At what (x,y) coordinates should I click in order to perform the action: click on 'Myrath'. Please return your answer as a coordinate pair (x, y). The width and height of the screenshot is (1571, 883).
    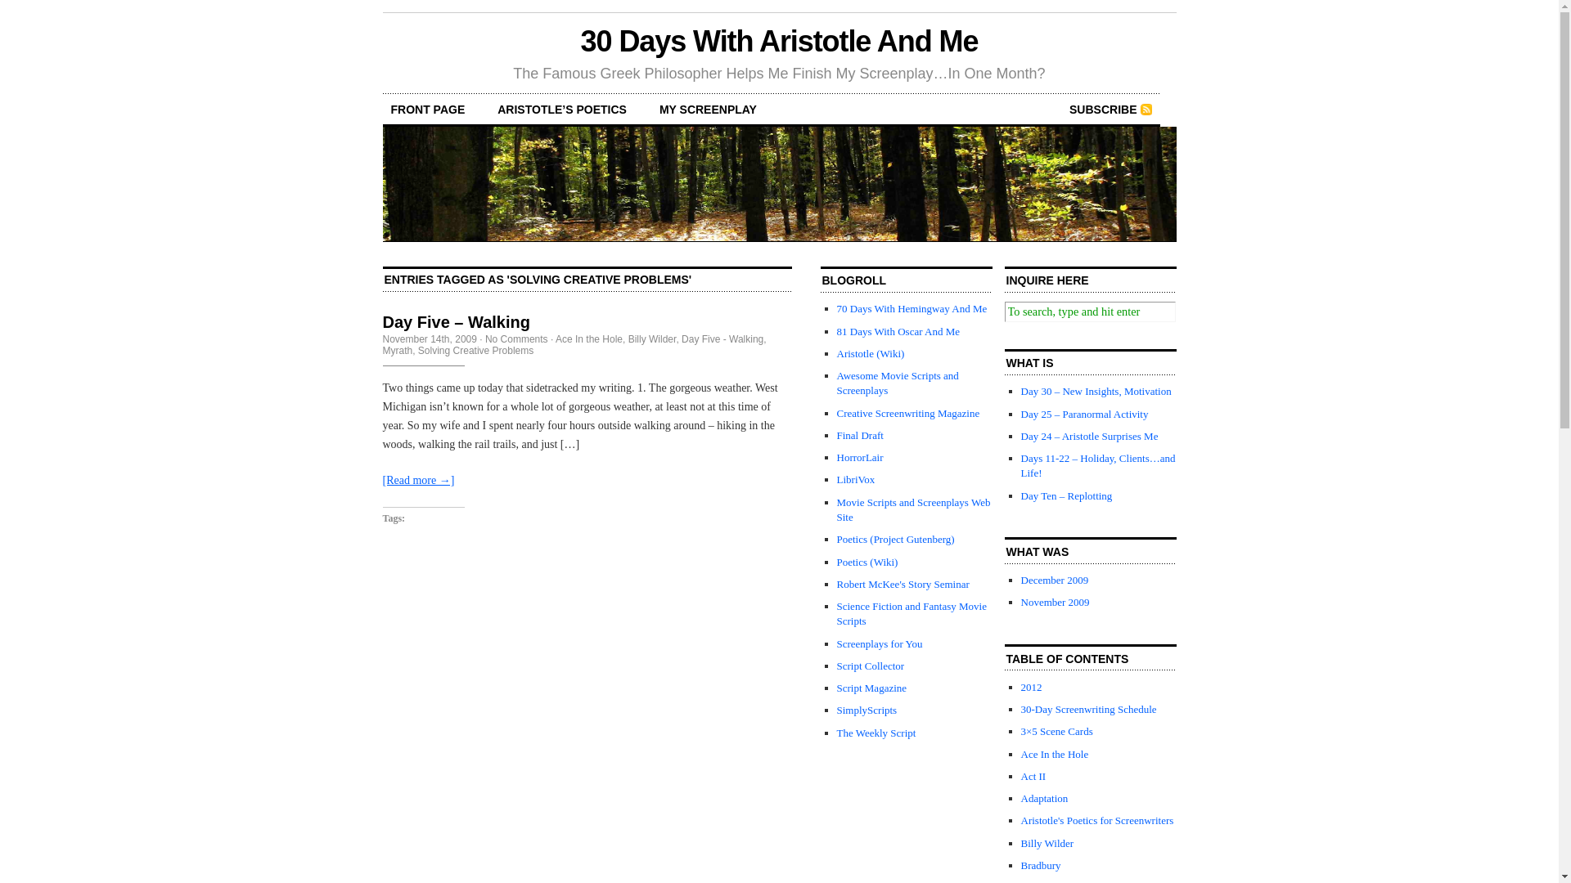
    Looking at the image, I should click on (398, 349).